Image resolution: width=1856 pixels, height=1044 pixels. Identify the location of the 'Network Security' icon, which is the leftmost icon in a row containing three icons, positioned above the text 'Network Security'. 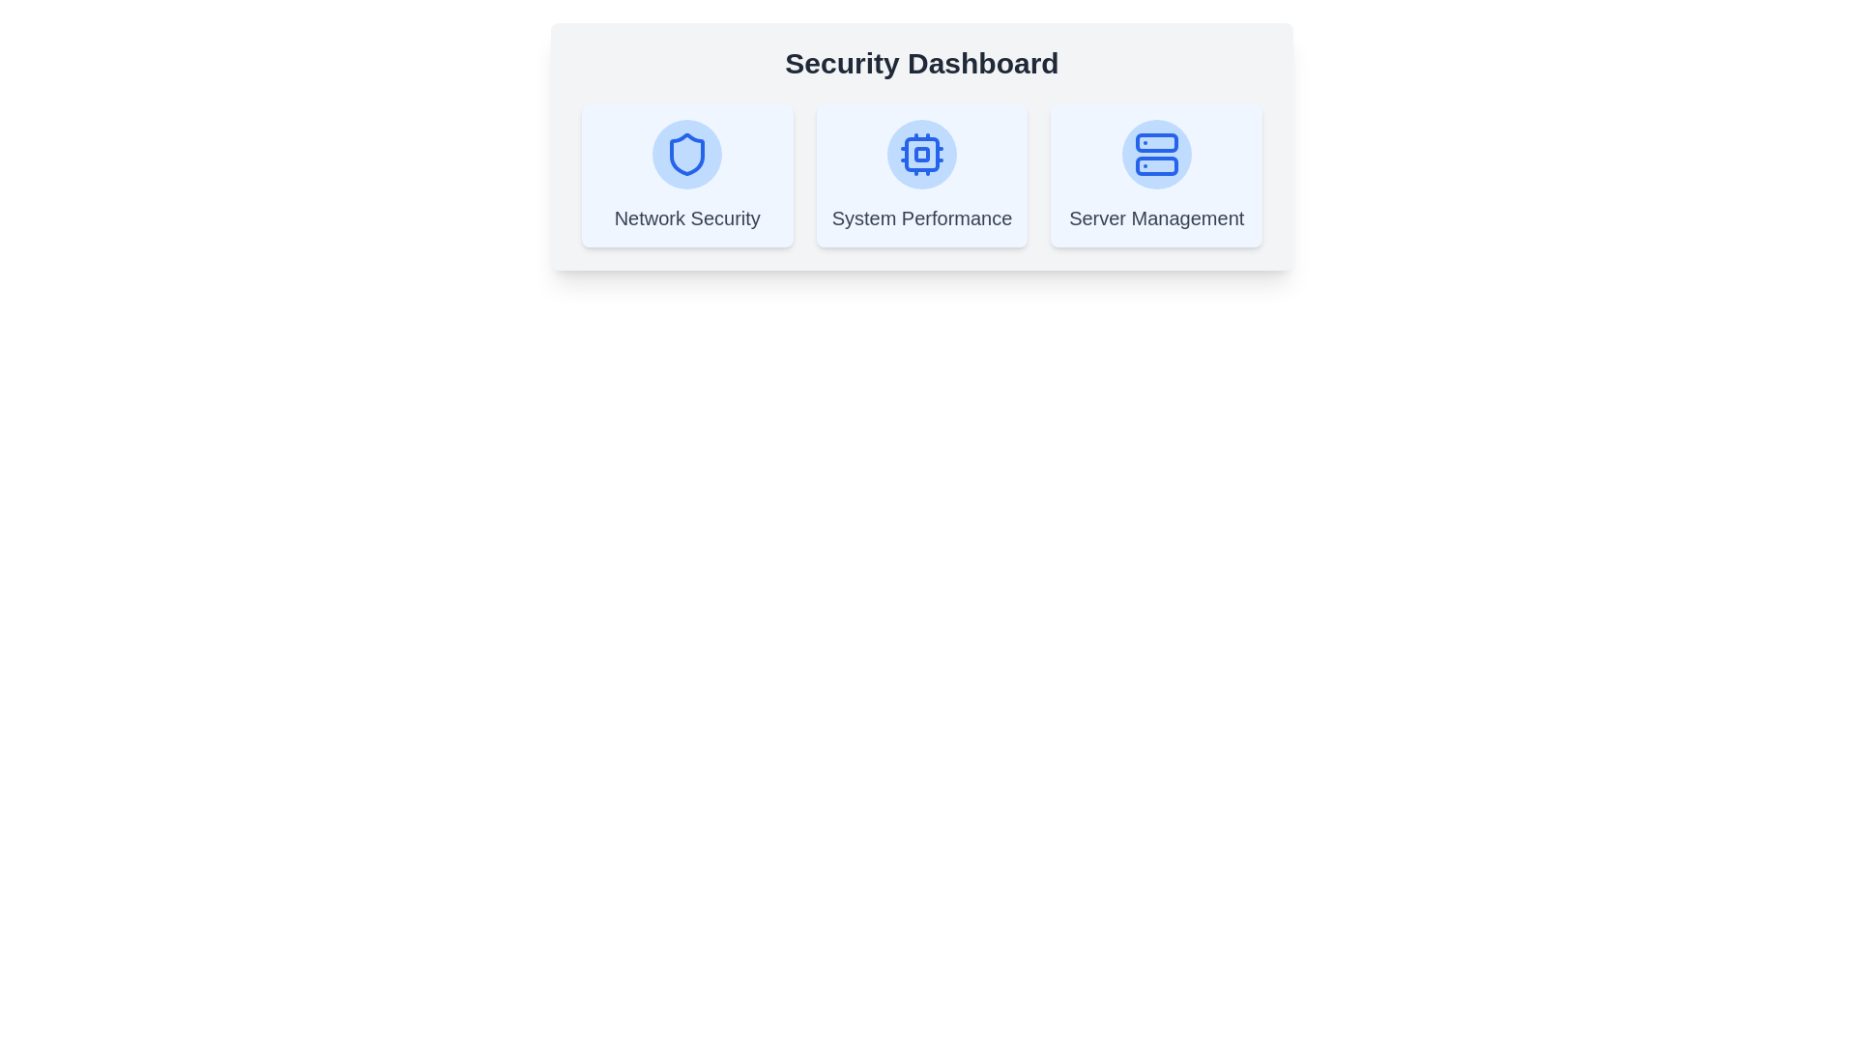
(687, 153).